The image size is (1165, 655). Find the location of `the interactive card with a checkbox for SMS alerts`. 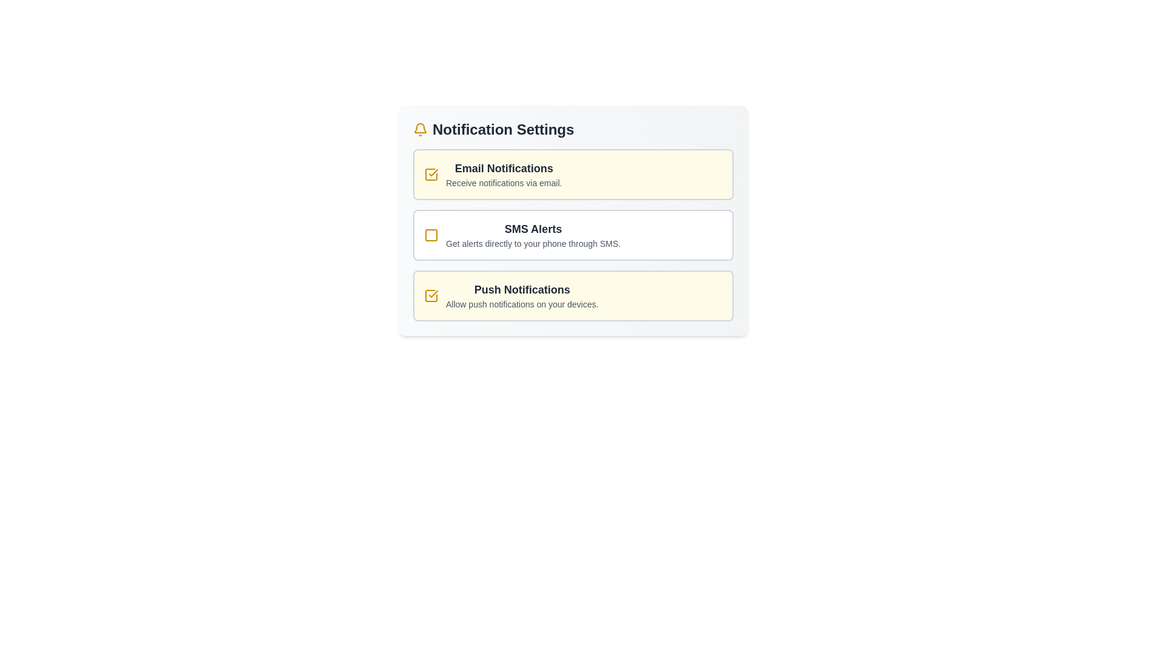

the interactive card with a checkbox for SMS alerts is located at coordinates (573, 220).